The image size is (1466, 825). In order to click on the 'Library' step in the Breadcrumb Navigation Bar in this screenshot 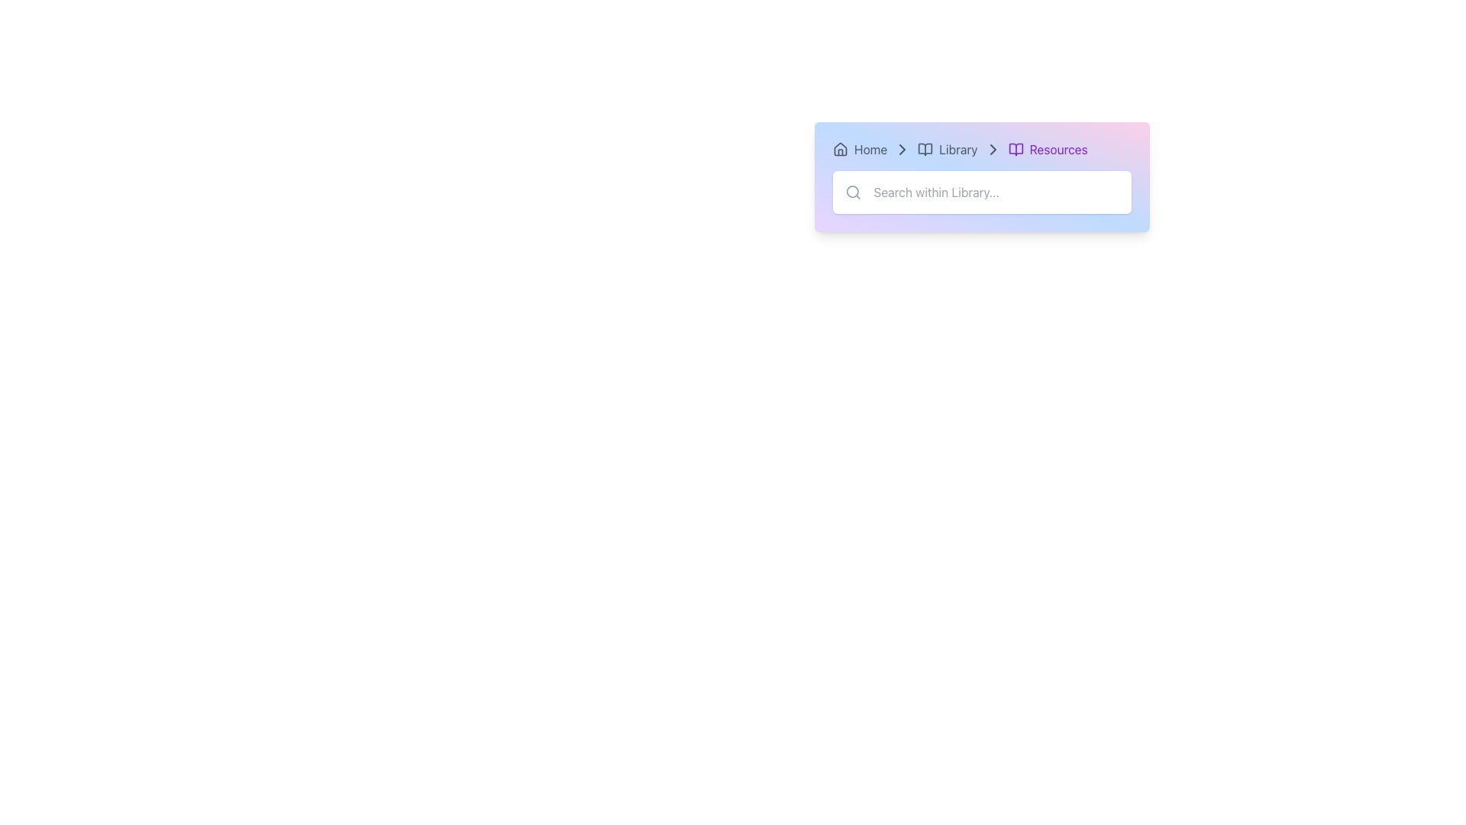, I will do `click(982, 150)`.